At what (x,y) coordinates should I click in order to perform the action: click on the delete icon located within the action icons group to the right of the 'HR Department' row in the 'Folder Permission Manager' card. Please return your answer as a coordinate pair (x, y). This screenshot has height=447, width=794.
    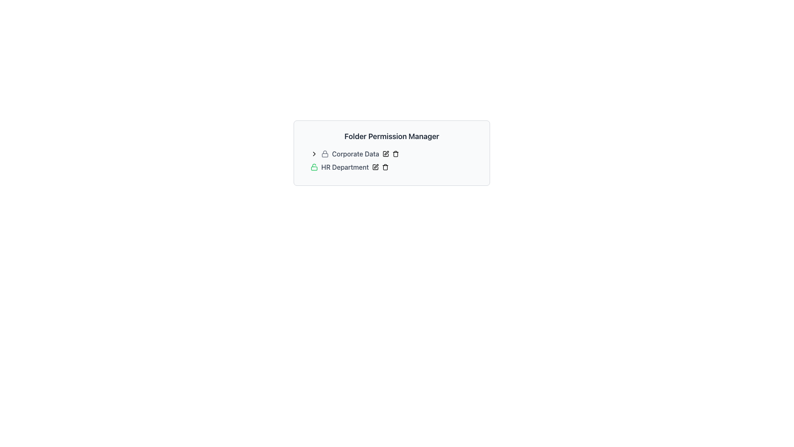
    Looking at the image, I should click on (385, 167).